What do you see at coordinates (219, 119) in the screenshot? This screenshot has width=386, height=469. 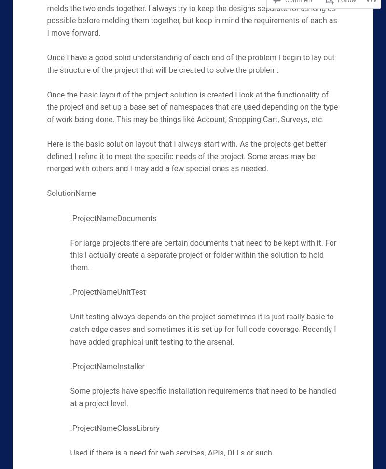 I see `'This may be things like Account, Shopping Cart, Surveys, etc.'` at bounding box center [219, 119].